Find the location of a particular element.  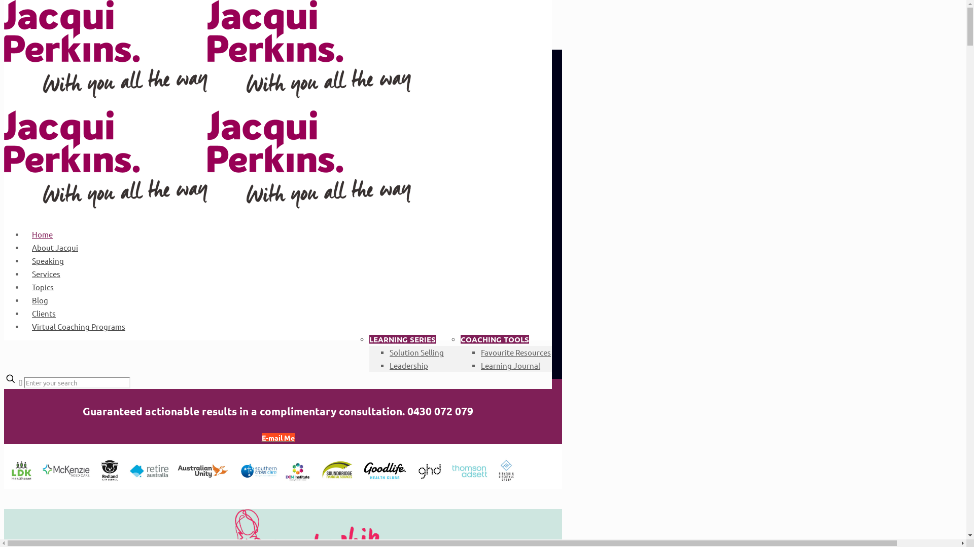

'Virtual Coaching Programs' is located at coordinates (78, 326).